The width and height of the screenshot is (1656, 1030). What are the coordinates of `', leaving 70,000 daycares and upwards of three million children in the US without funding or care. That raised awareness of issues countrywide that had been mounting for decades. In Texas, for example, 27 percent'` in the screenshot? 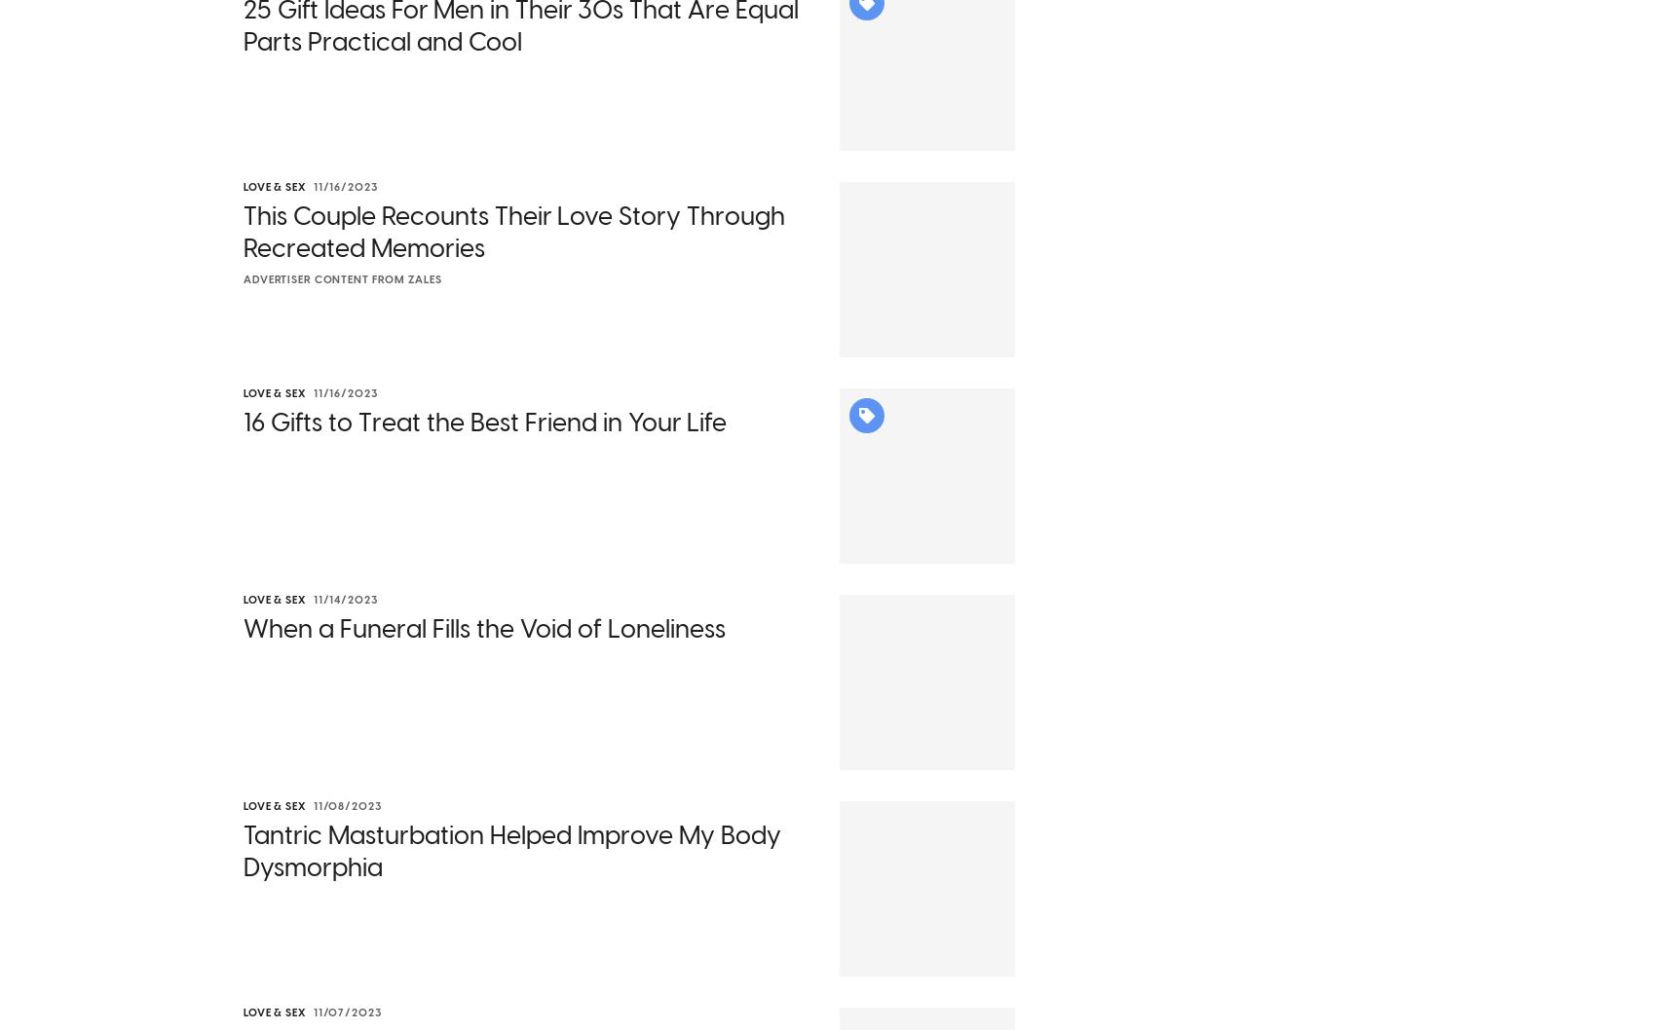 It's located at (244, 443).